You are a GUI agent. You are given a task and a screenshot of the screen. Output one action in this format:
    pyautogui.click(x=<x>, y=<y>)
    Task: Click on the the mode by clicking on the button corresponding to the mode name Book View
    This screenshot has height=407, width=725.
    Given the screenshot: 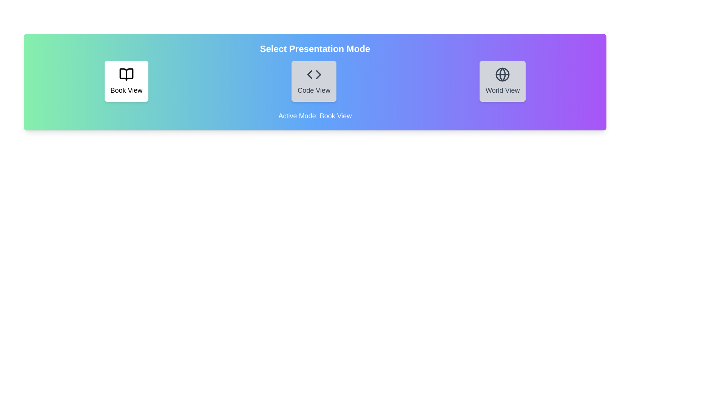 What is the action you would take?
    pyautogui.click(x=126, y=81)
    